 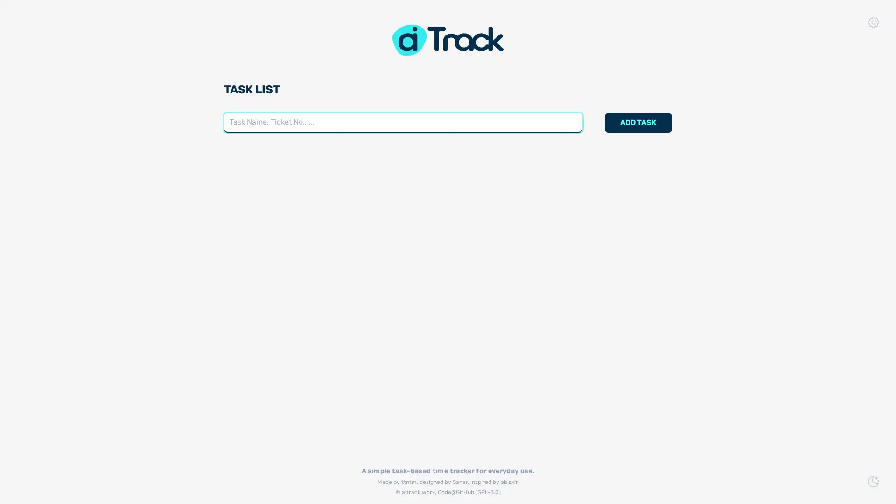 I want to click on App Settings, so click(x=873, y=21).